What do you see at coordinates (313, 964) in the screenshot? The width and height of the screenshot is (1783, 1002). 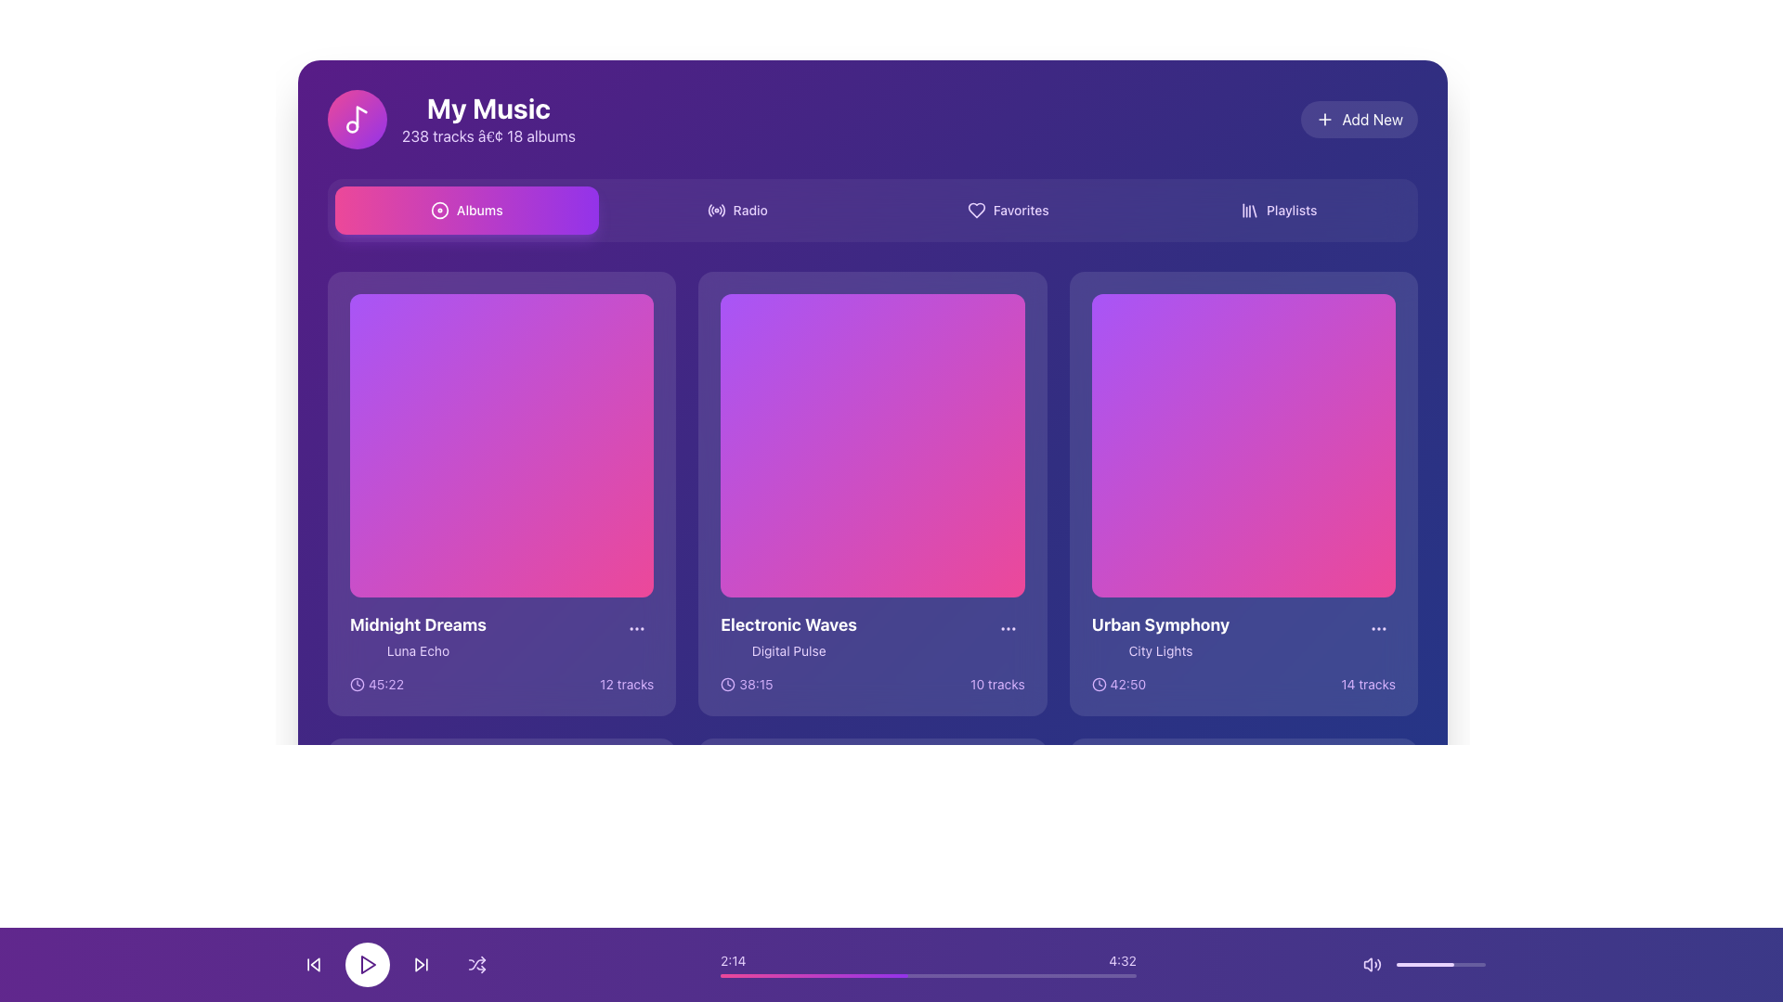 I see `the circular back button located at the bottom left of the player control bar to skip backward` at bounding box center [313, 964].